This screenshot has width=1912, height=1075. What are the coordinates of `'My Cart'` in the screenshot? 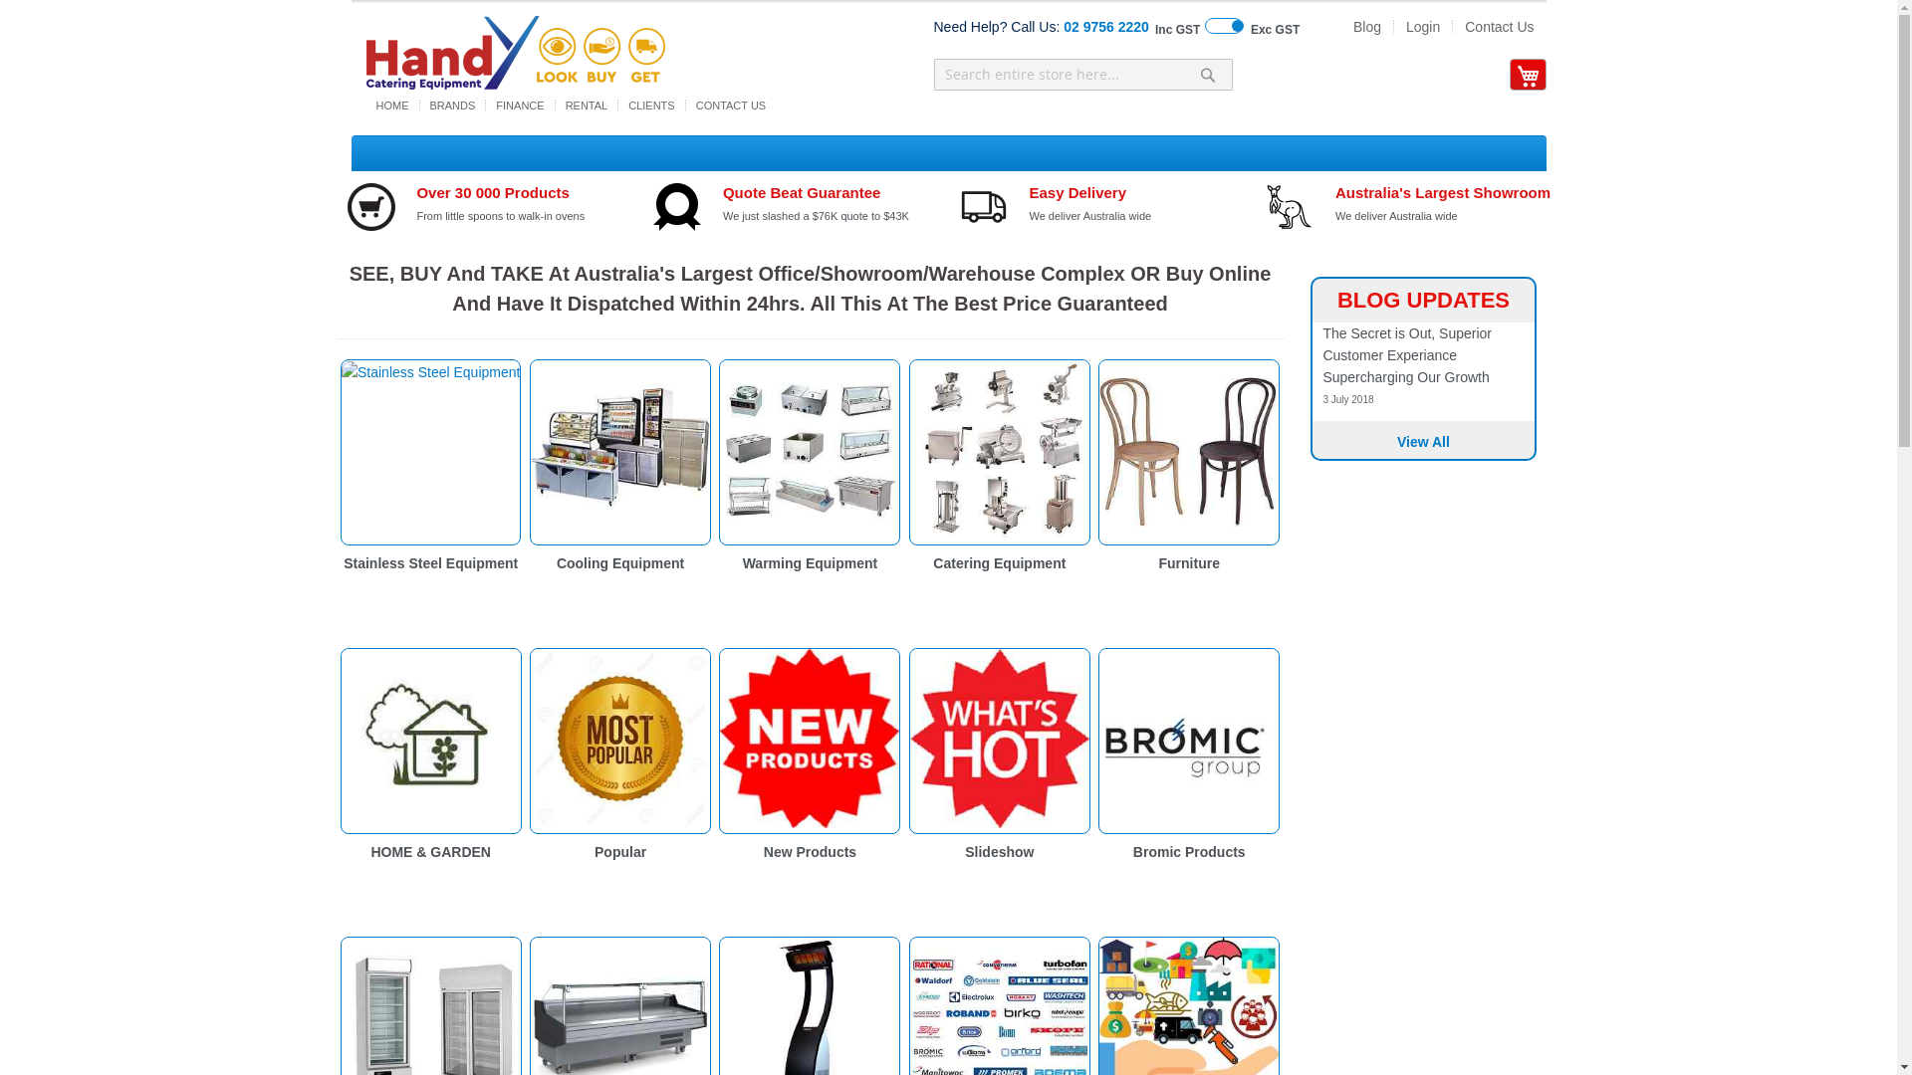 It's located at (1526, 75).